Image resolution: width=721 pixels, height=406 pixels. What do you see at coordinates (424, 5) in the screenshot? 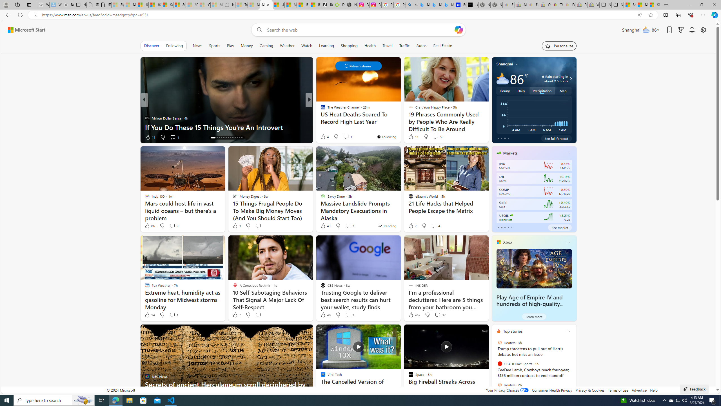
I see `'Microsoft Bing Travel - Flights from Hong Kong to Bangkok'` at bounding box center [424, 5].